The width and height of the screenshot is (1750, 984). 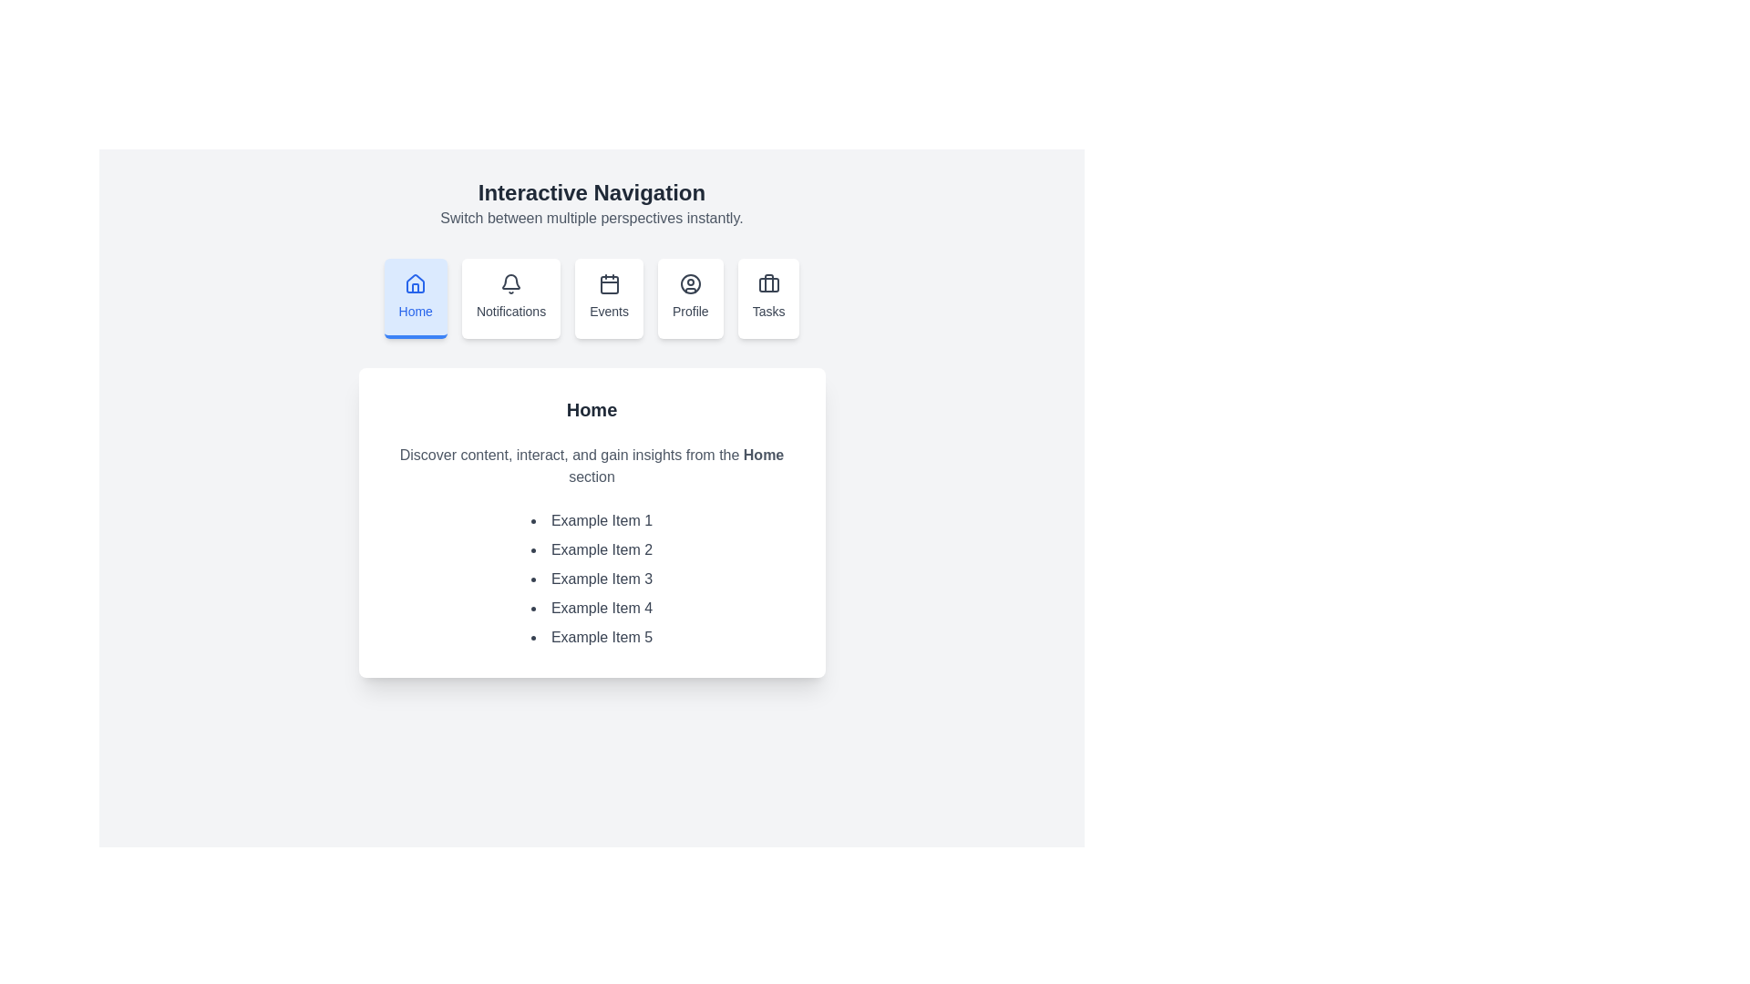 What do you see at coordinates (592, 520) in the screenshot?
I see `the text label reading 'Example Item 1' in the bulleted list, which is styled with a gray font color and is the first item in the list` at bounding box center [592, 520].